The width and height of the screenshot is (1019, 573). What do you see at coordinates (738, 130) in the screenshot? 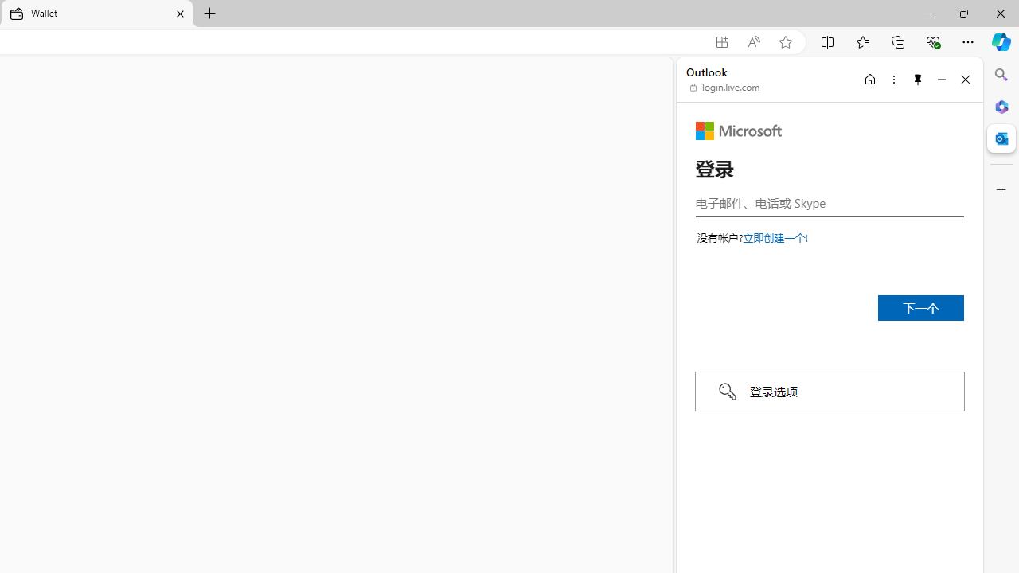
I see `'Microsoft'` at bounding box center [738, 130].